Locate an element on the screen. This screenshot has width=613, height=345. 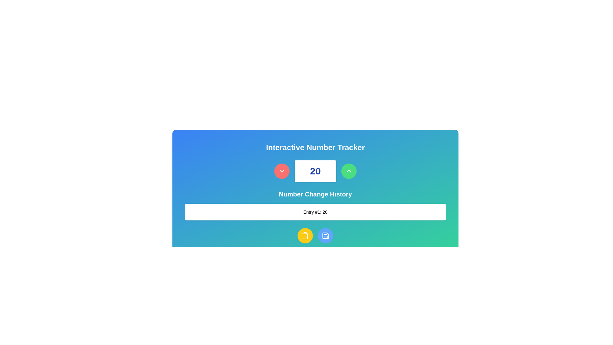
the button located to the right of the number display to increase the displayed number value by one is located at coordinates (348, 171).